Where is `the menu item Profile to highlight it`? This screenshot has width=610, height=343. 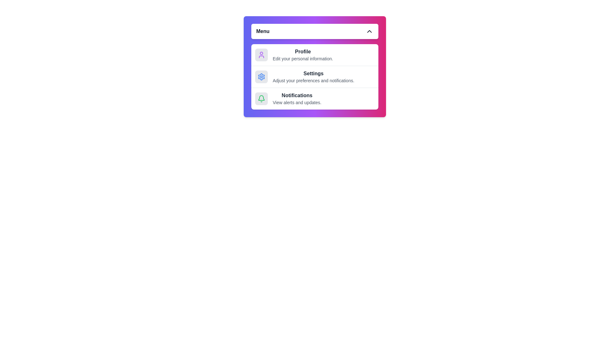 the menu item Profile to highlight it is located at coordinates (315, 55).